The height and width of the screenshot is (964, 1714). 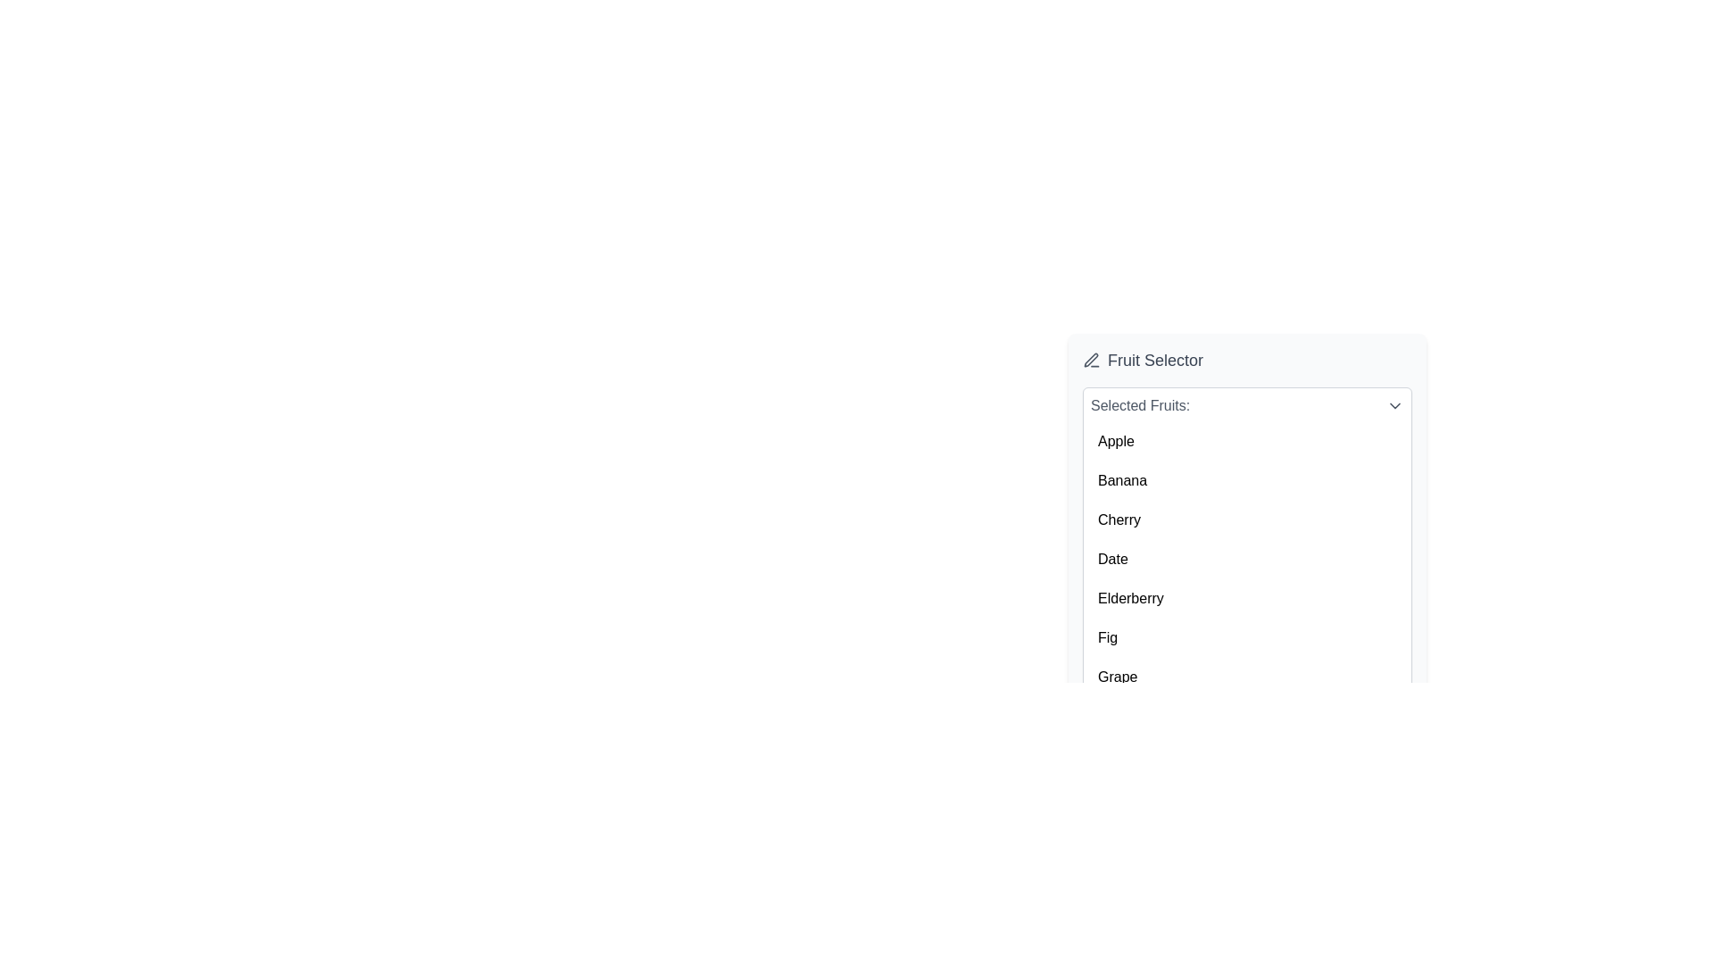 What do you see at coordinates (1246, 544) in the screenshot?
I see `the dropdown menu titled 'Selected Fruits:'` at bounding box center [1246, 544].